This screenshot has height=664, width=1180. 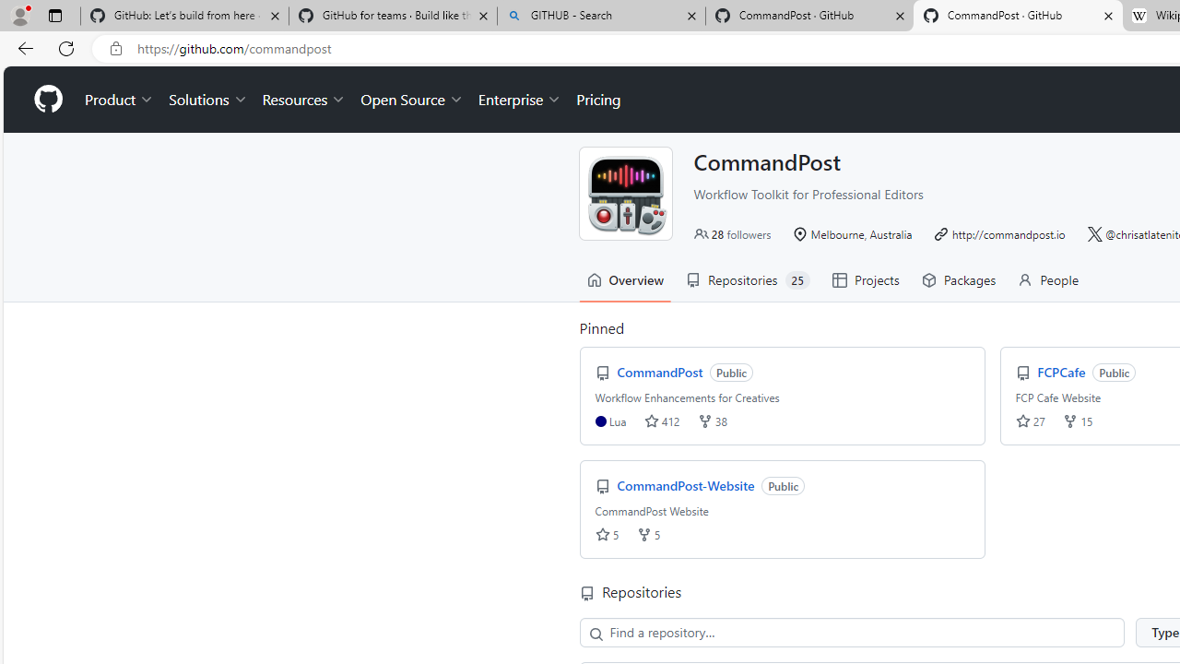 What do you see at coordinates (1078, 421) in the screenshot?
I see `'forks 15'` at bounding box center [1078, 421].